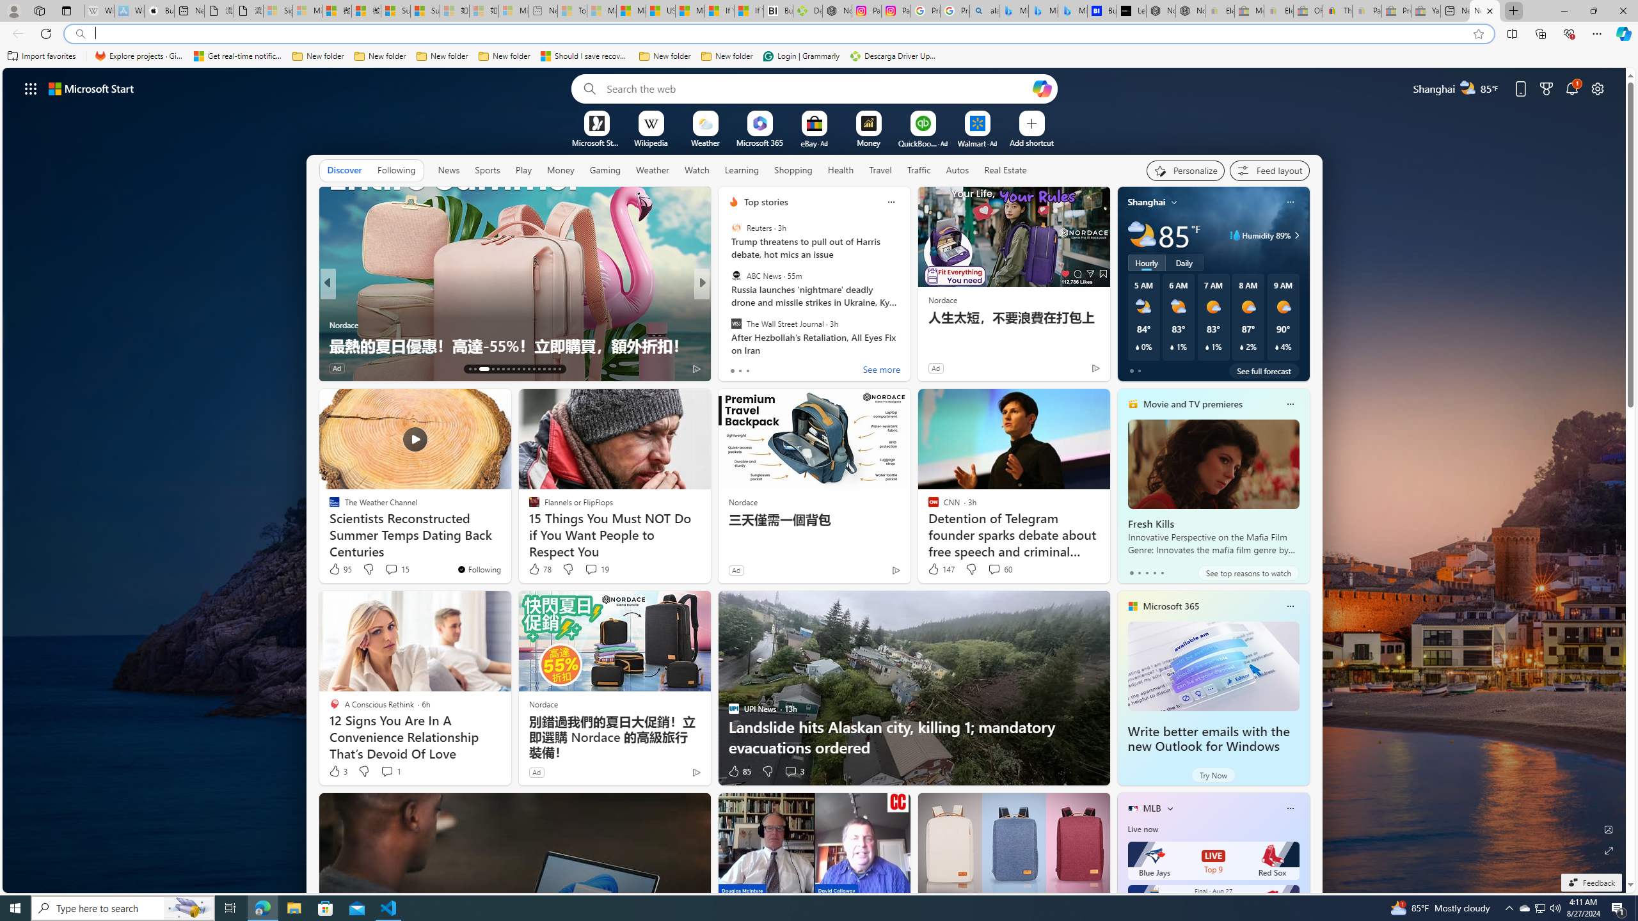 The width and height of the screenshot is (1638, 921). Describe the element at coordinates (983, 10) in the screenshot. I see `'alabama high school quarterback dies - Search'` at that location.